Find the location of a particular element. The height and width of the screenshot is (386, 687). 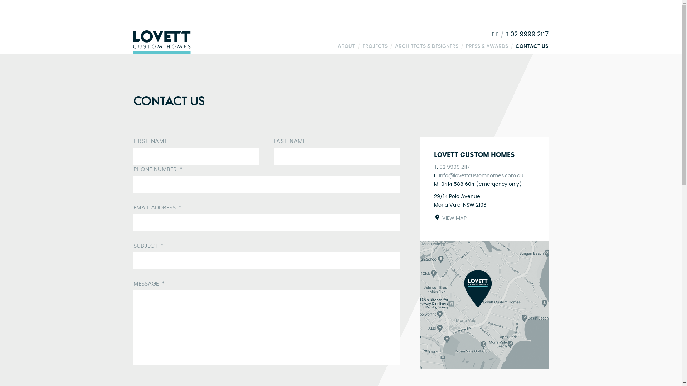

'PRESS & AWARDS' is located at coordinates (466, 46).